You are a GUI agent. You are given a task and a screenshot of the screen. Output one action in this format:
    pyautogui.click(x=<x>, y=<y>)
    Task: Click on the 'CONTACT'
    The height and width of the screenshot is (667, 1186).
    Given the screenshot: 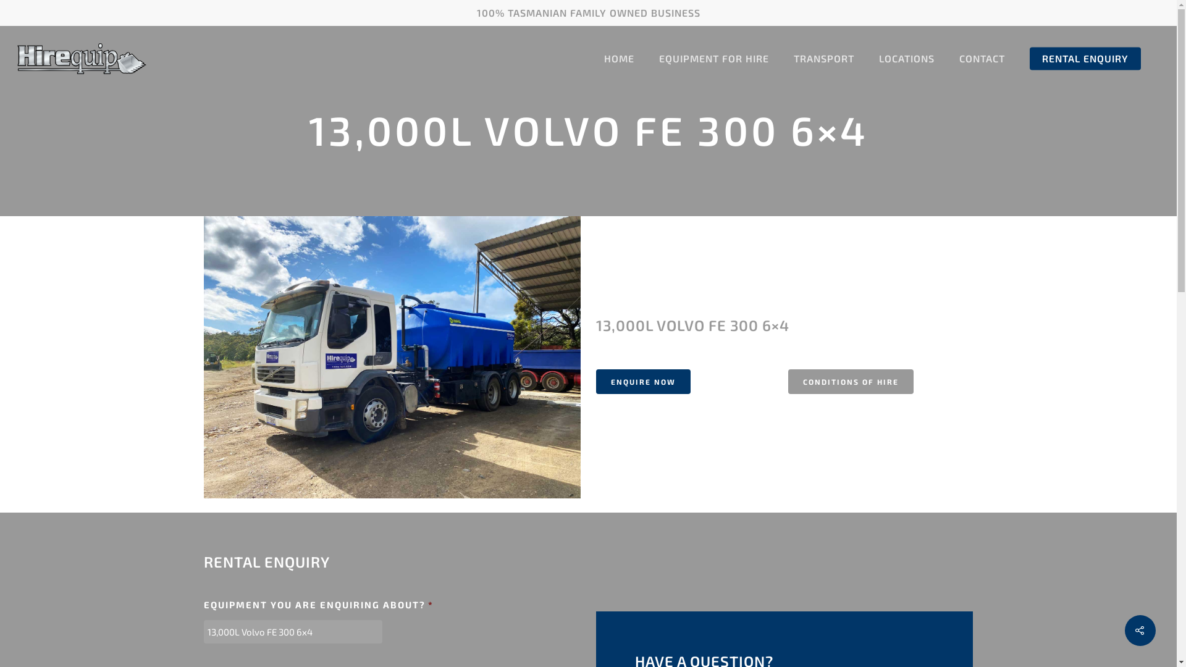 What is the action you would take?
    pyautogui.click(x=981, y=59)
    